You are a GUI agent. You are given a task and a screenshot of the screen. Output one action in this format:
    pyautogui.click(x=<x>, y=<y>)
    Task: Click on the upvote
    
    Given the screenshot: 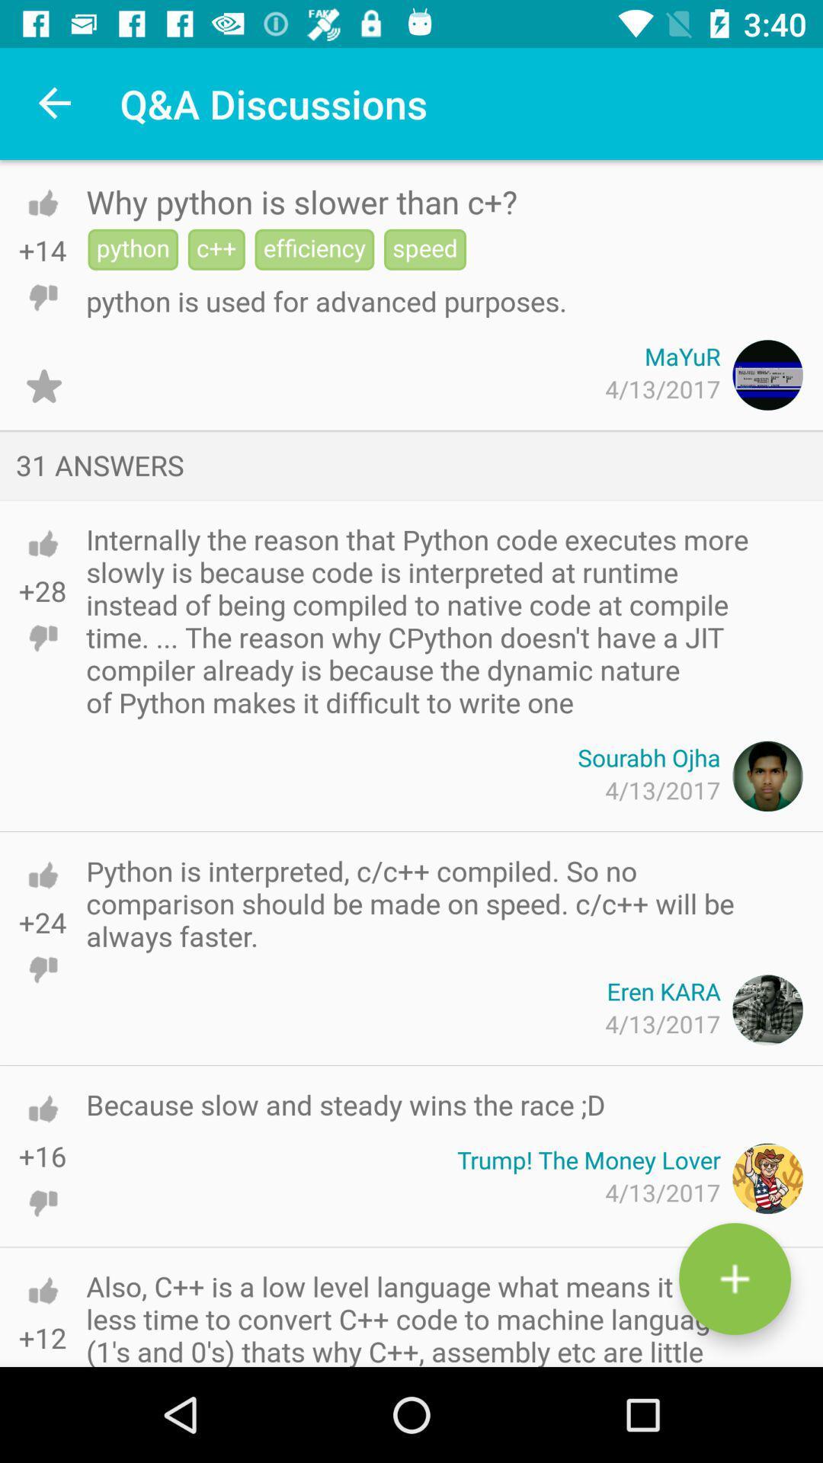 What is the action you would take?
    pyautogui.click(x=42, y=875)
    